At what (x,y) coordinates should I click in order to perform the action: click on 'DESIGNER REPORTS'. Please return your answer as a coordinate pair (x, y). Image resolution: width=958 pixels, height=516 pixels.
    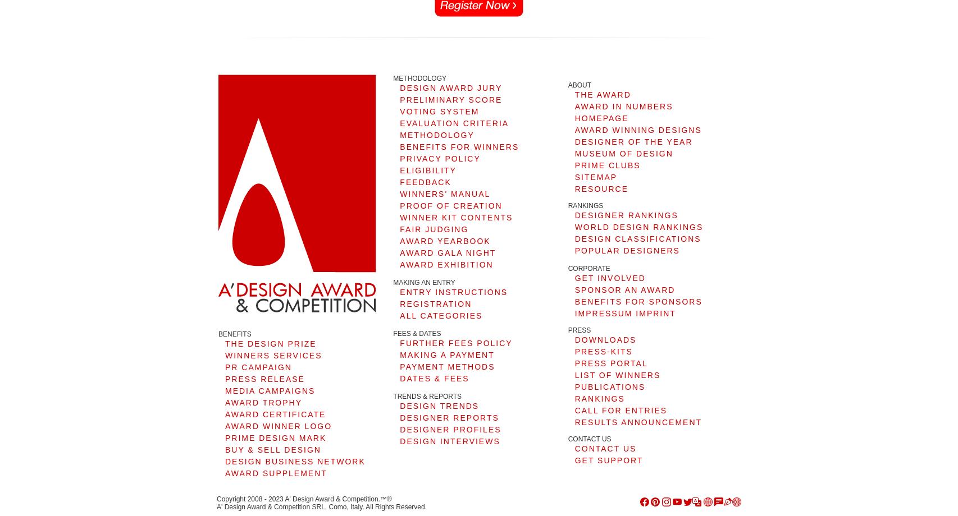
    Looking at the image, I should click on (448, 417).